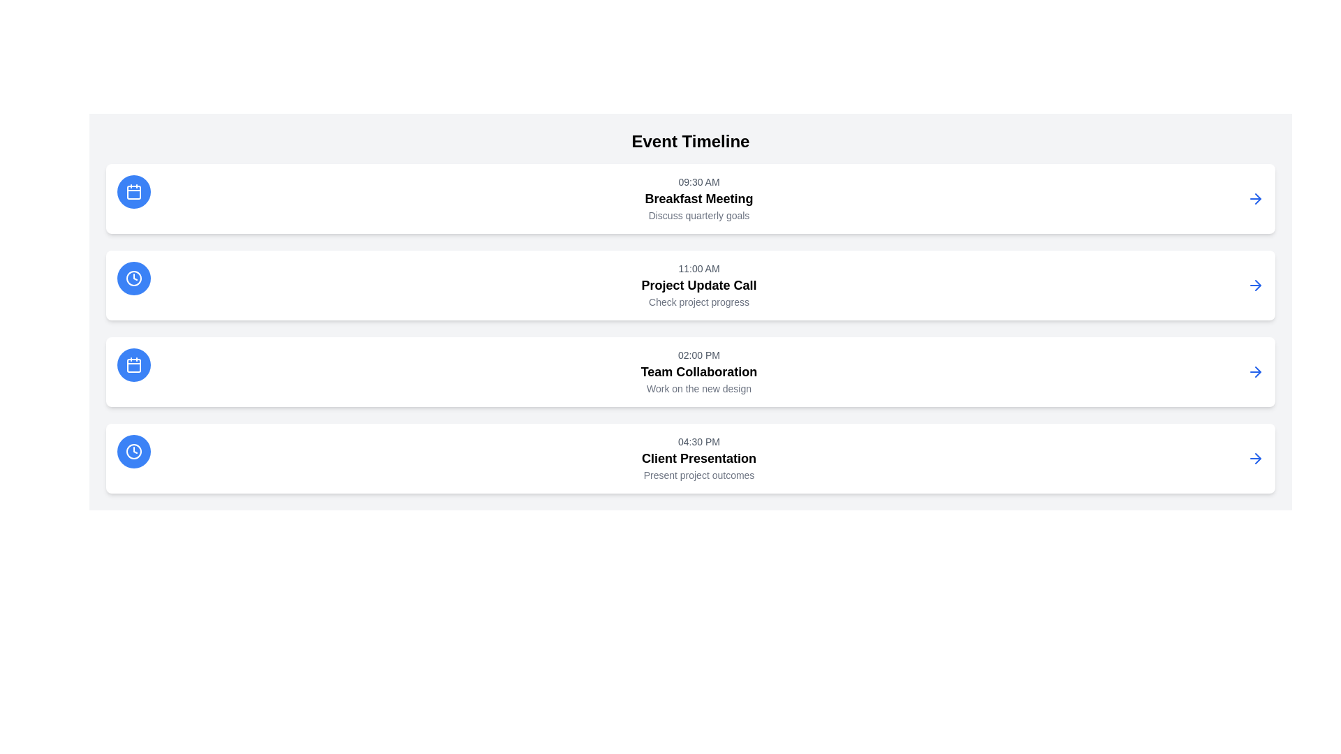 This screenshot has height=754, width=1341. I want to click on the event title/header element located between '09:30 AM' and 'Discuss quarterly goals' in the event card list, so click(699, 199).